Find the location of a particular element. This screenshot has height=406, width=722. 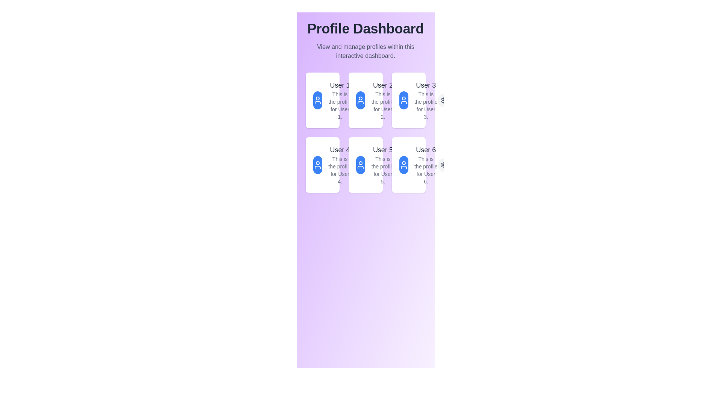

the user icon, which is a circular head representation styled as an SVG graphic with a white outline against a blue background, located in the top-left corner of the card for User 5 in the second row and second column of the grid layout is located at coordinates (403, 165).